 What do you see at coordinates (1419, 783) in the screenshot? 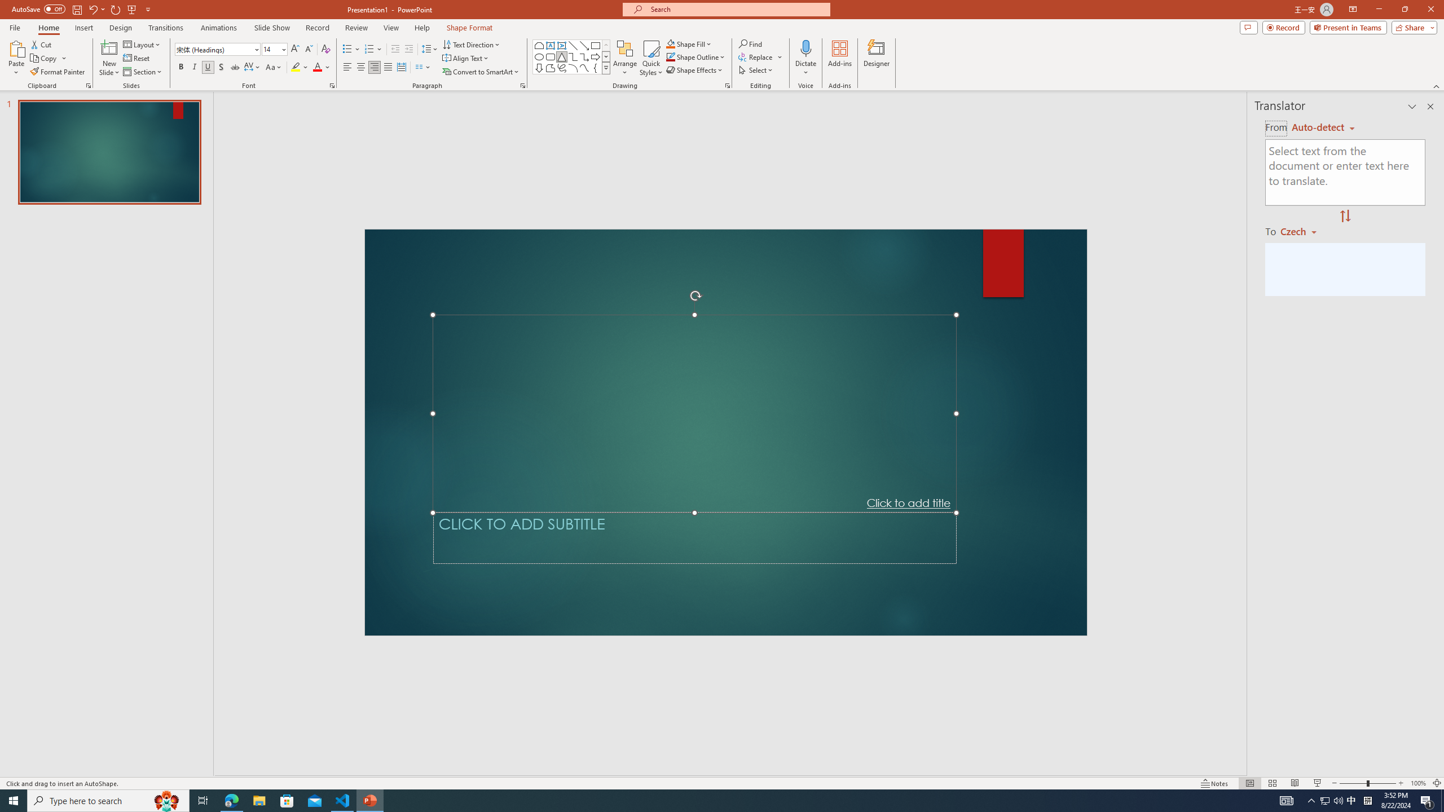
I see `'Zoom 100%'` at bounding box center [1419, 783].